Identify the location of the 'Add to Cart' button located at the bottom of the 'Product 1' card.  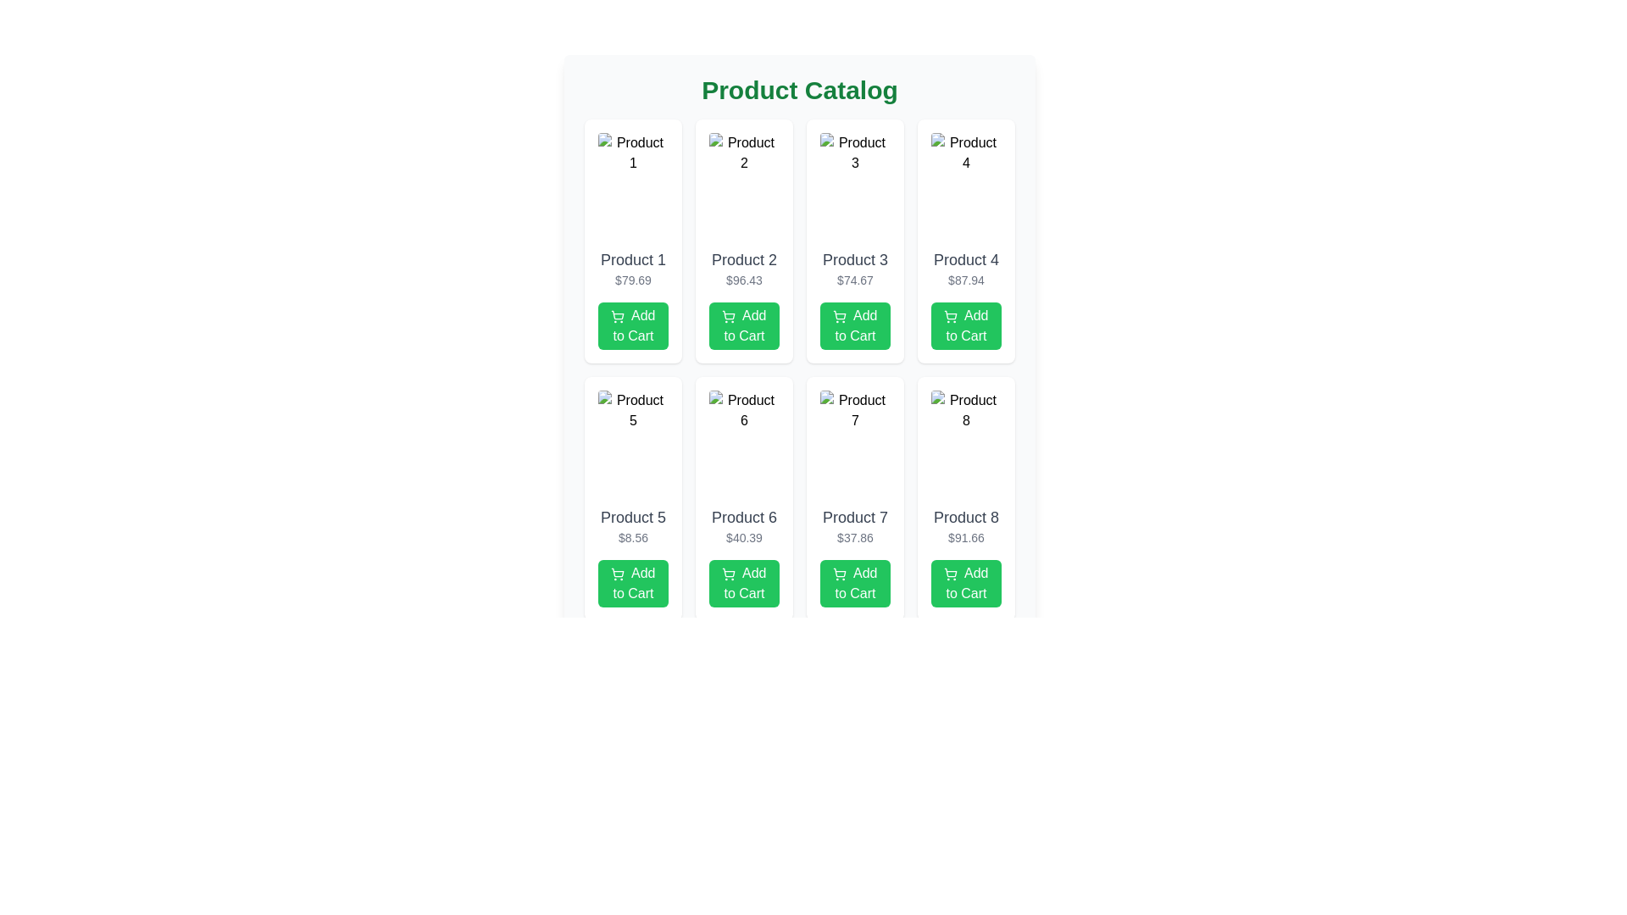
(632, 326).